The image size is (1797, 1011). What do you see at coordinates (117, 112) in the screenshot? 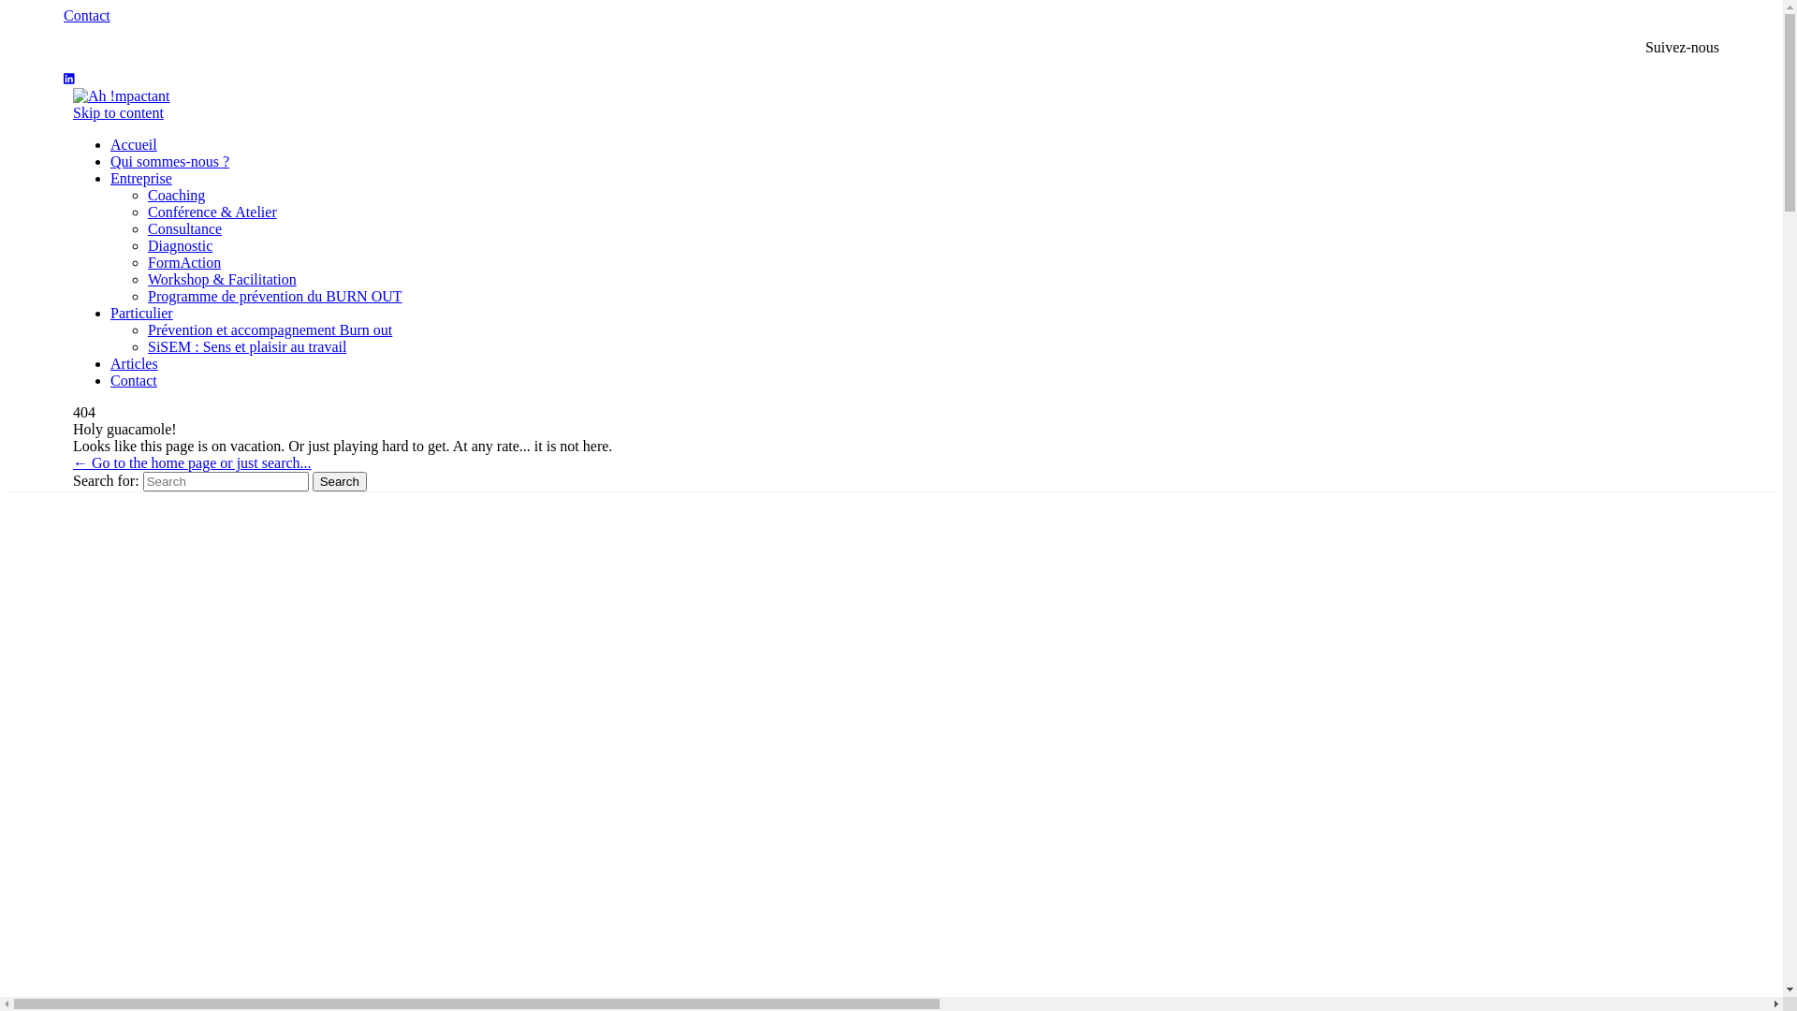
I see `'Skip to content'` at bounding box center [117, 112].